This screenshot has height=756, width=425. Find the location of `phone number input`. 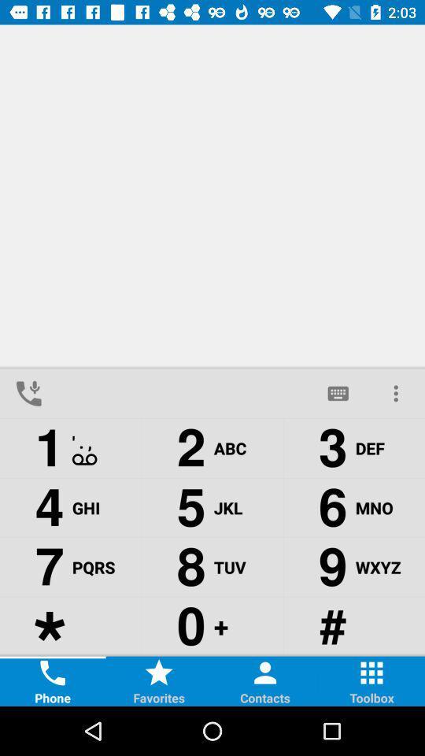

phone number input is located at coordinates (183, 392).